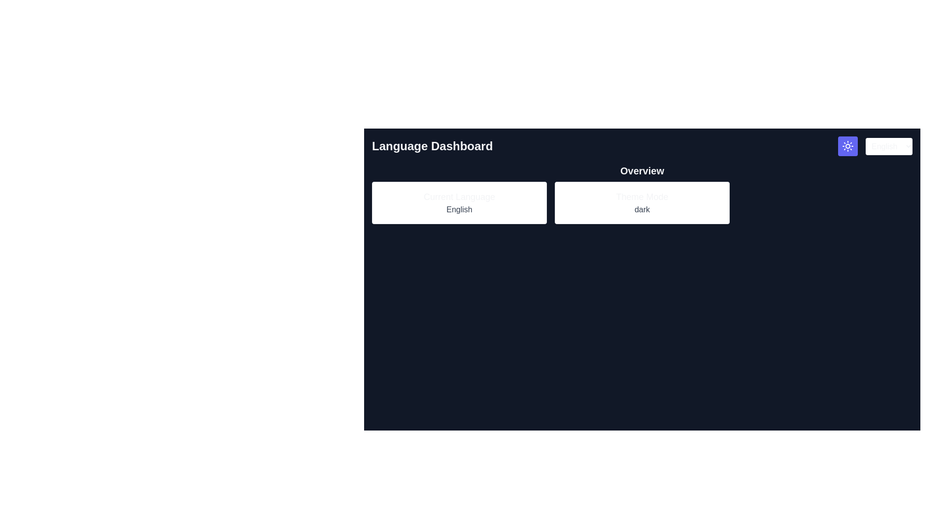 The height and width of the screenshot is (532, 946). I want to click on the Informational card that displays 'Current Language' with a white background and shadow, located in the upper-left quadrant of the interface, so click(459, 202).